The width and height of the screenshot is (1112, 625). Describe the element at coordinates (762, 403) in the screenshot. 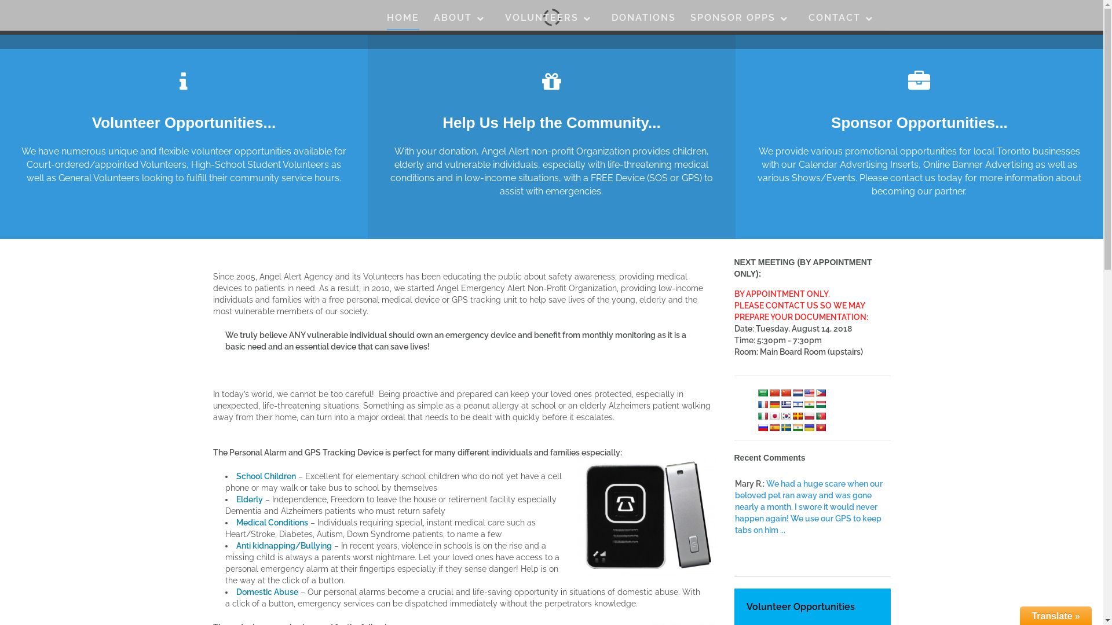

I see `'French'` at that location.